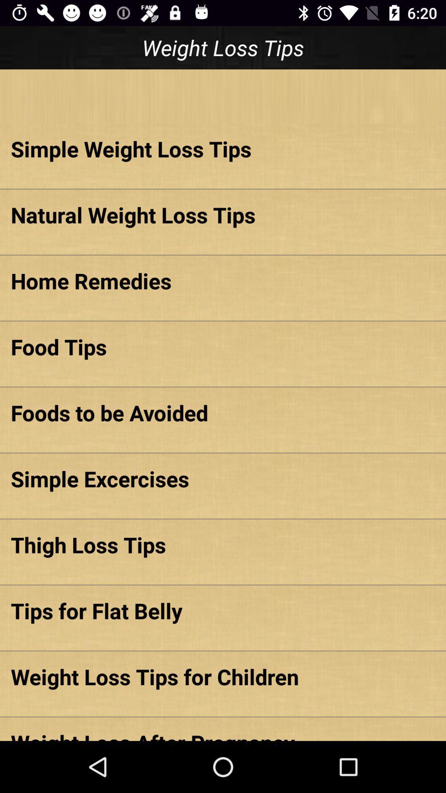 The image size is (446, 793). Describe the element at coordinates (223, 413) in the screenshot. I see `foods to be item` at that location.